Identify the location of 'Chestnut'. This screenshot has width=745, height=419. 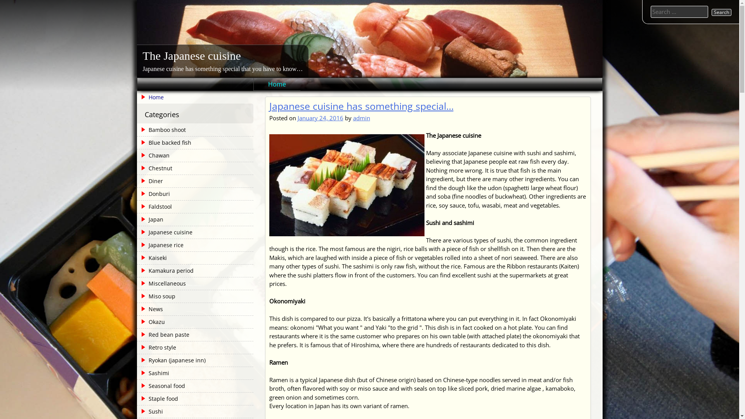
(155, 168).